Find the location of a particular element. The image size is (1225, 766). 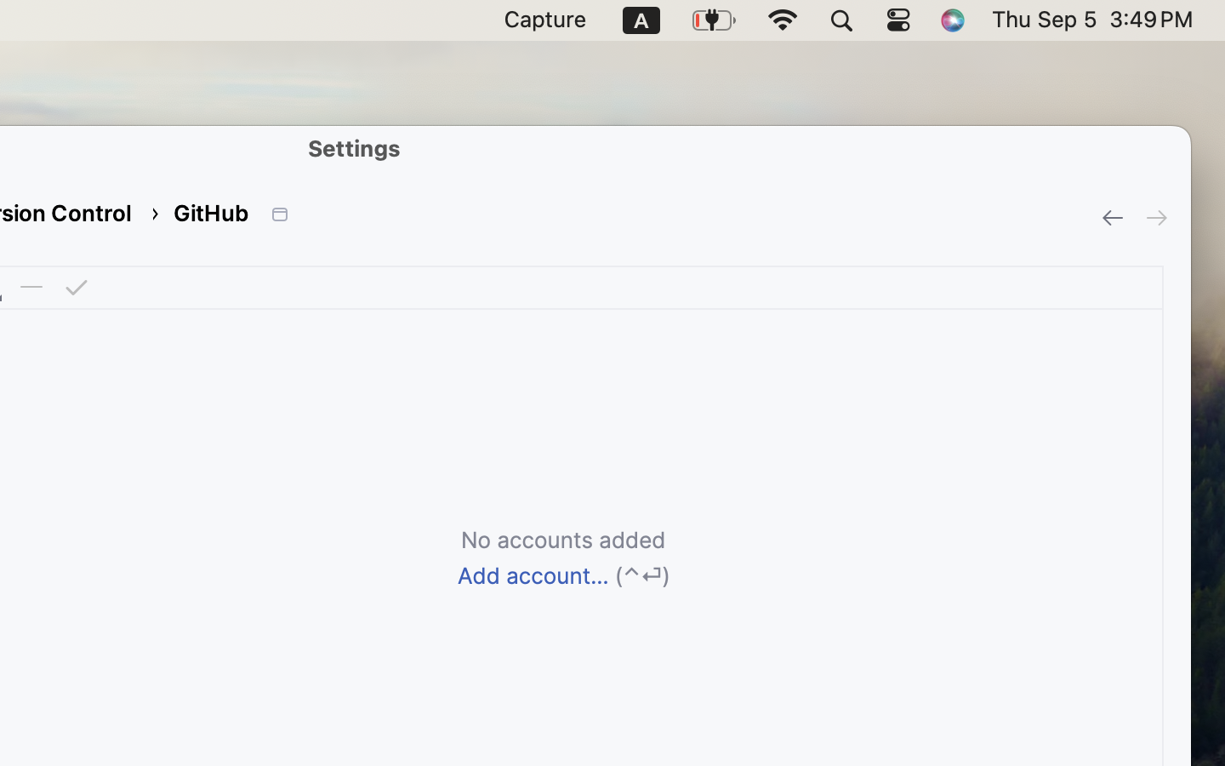

'Settings' is located at coordinates (354, 147).